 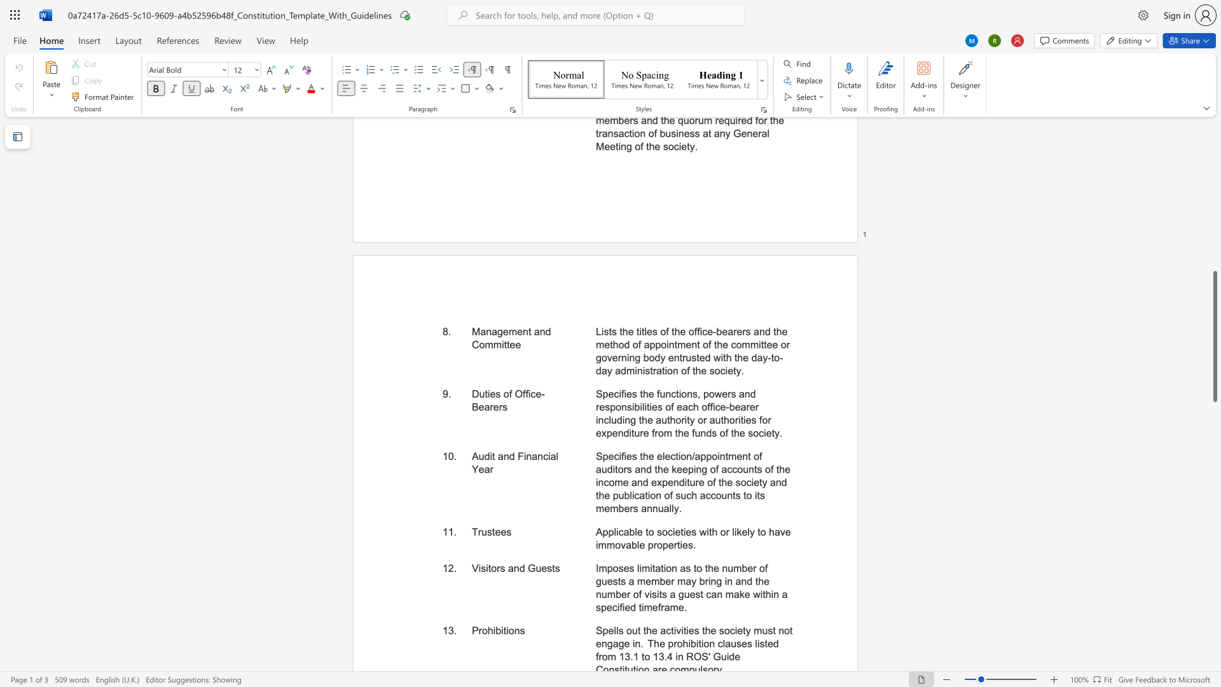 What do you see at coordinates (626, 455) in the screenshot?
I see `the subset text "es the electio" within the text "Specifies the election/appointment of auditors and the keeping of accounts of the income and expenditure of the society and the publication of such accounts to its members annually."` at bounding box center [626, 455].